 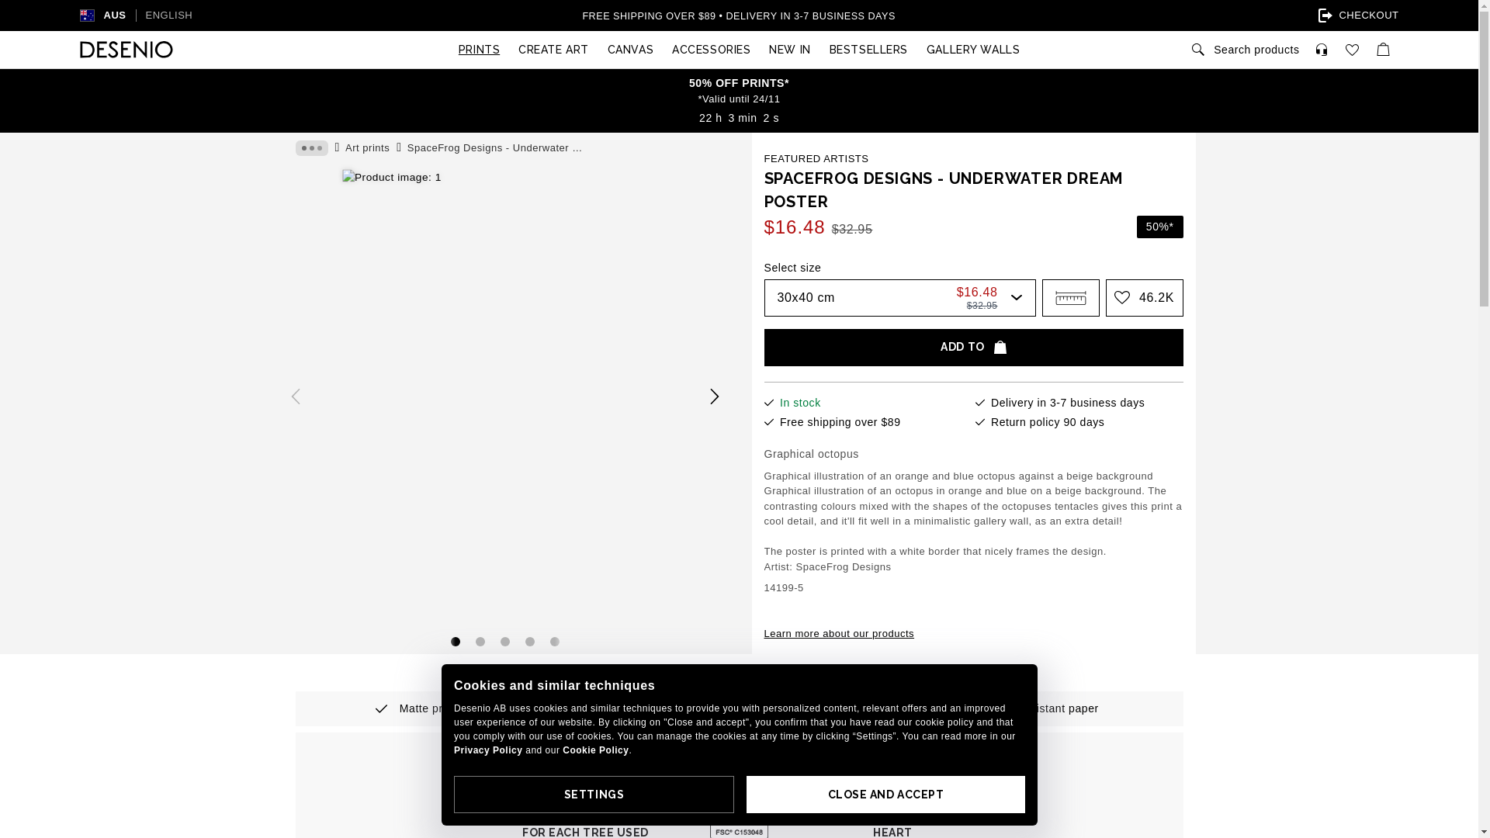 I want to click on 'Search products', so click(x=1244, y=49).